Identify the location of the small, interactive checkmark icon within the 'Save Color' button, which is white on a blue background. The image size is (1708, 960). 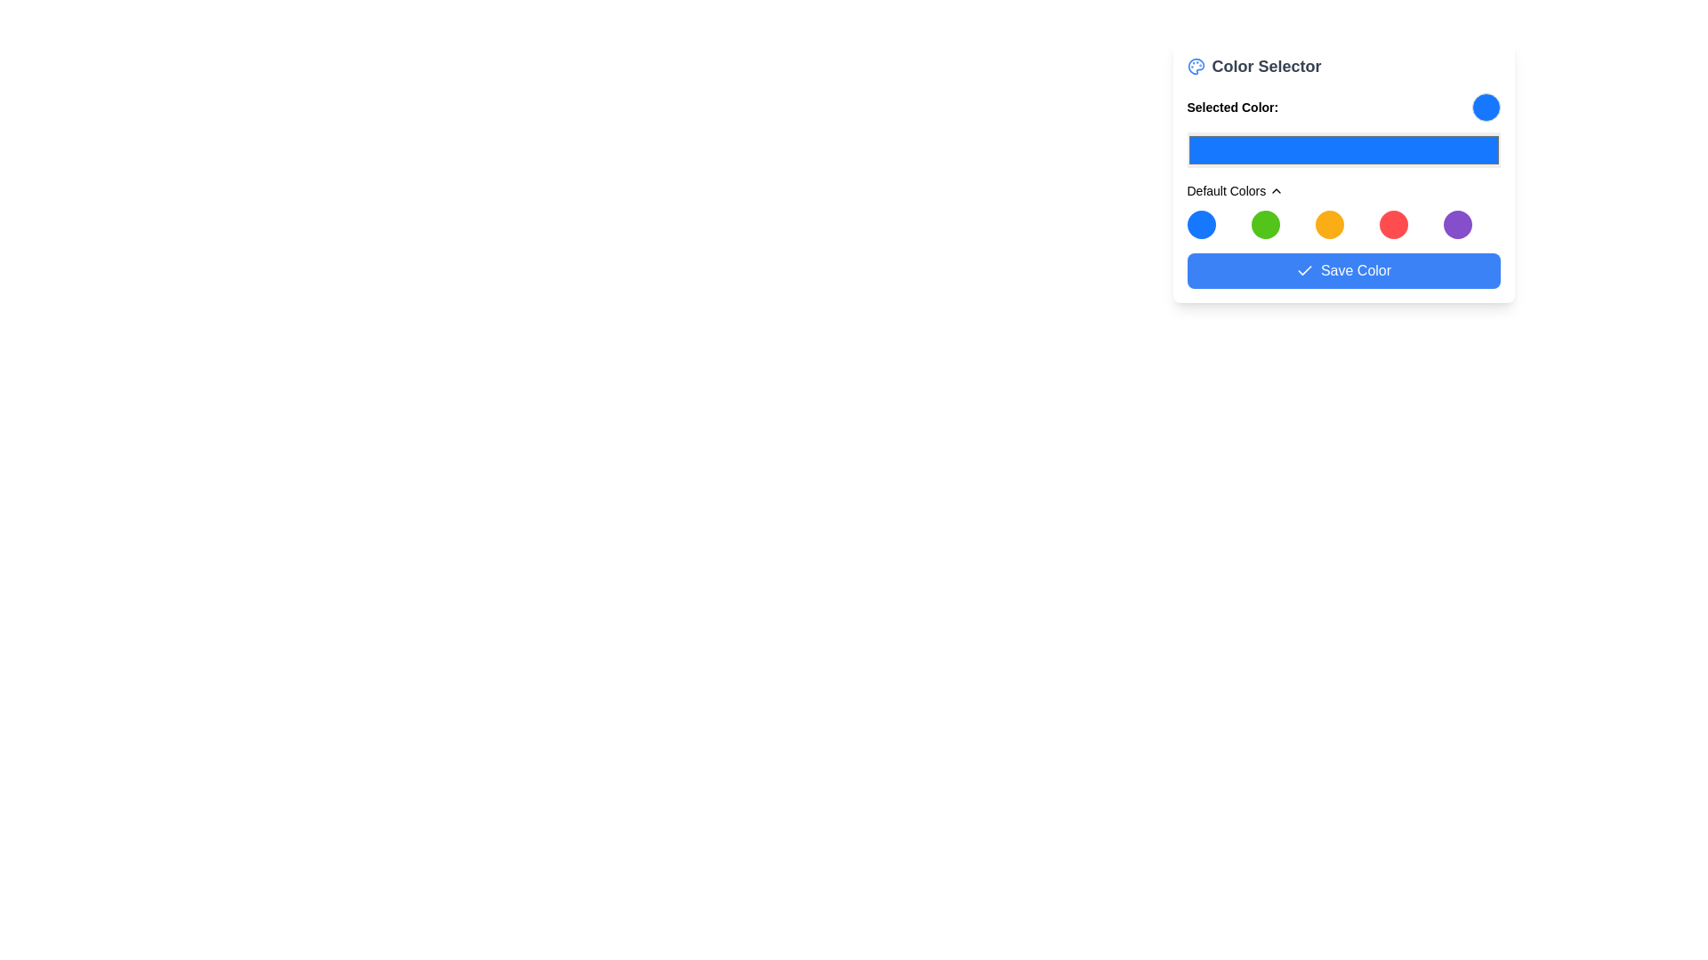
(1304, 270).